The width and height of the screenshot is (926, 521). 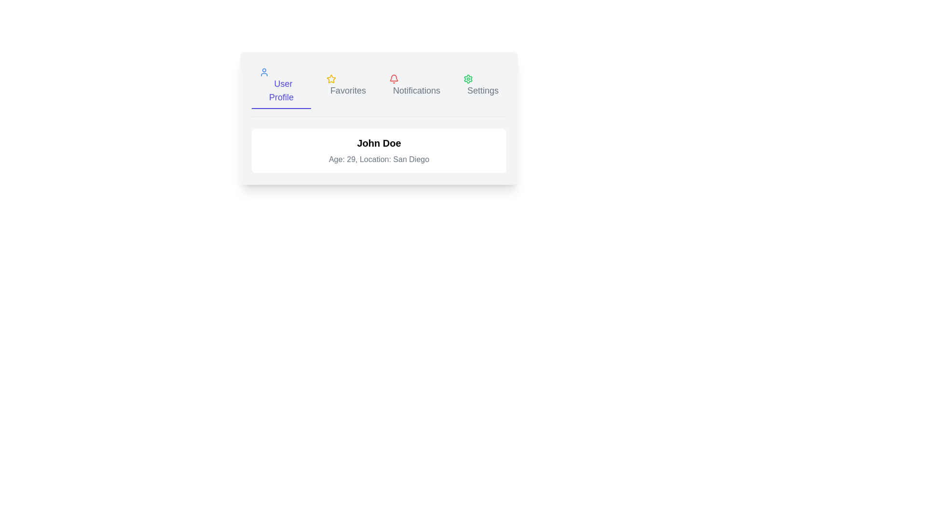 What do you see at coordinates (417, 91) in the screenshot?
I see `the text content of the 'Notifications' label in the navigation bar, which is styled with a gray font and positioned next to a bell icon` at bounding box center [417, 91].